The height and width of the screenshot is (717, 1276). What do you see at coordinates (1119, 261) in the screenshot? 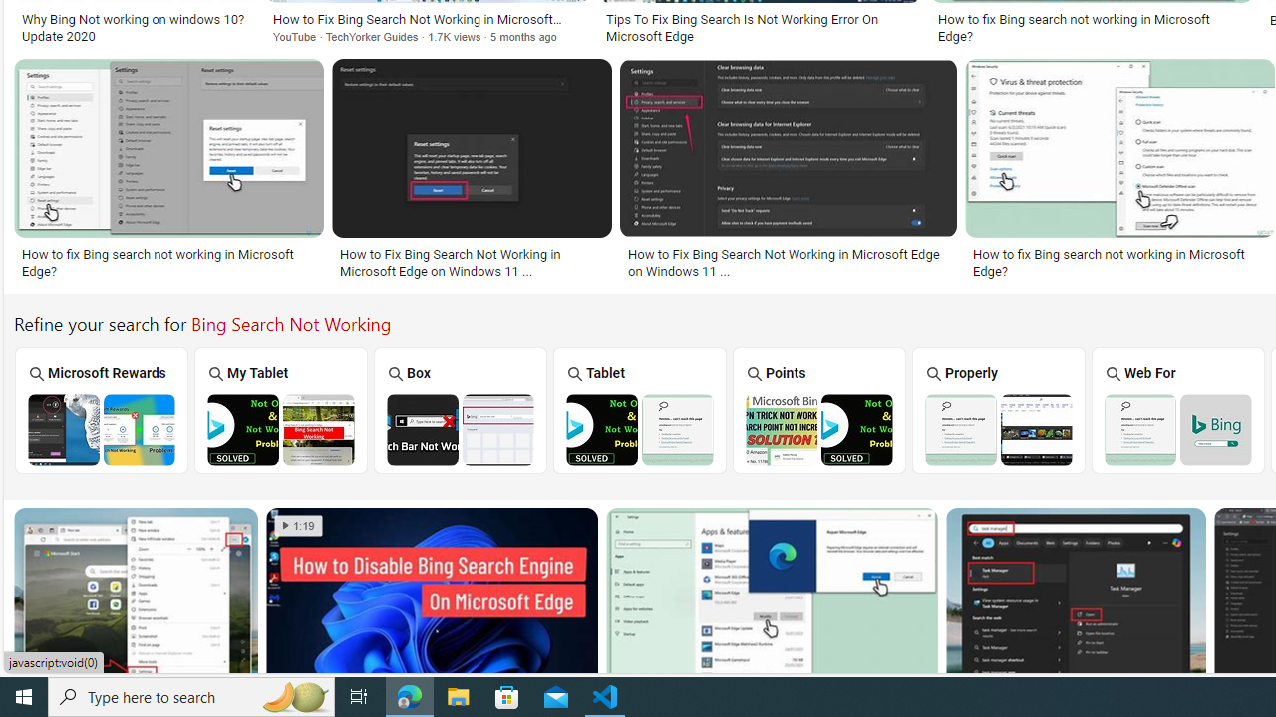
I see `'How to fix Bing search not working in Microsoft Edge?'` at bounding box center [1119, 261].